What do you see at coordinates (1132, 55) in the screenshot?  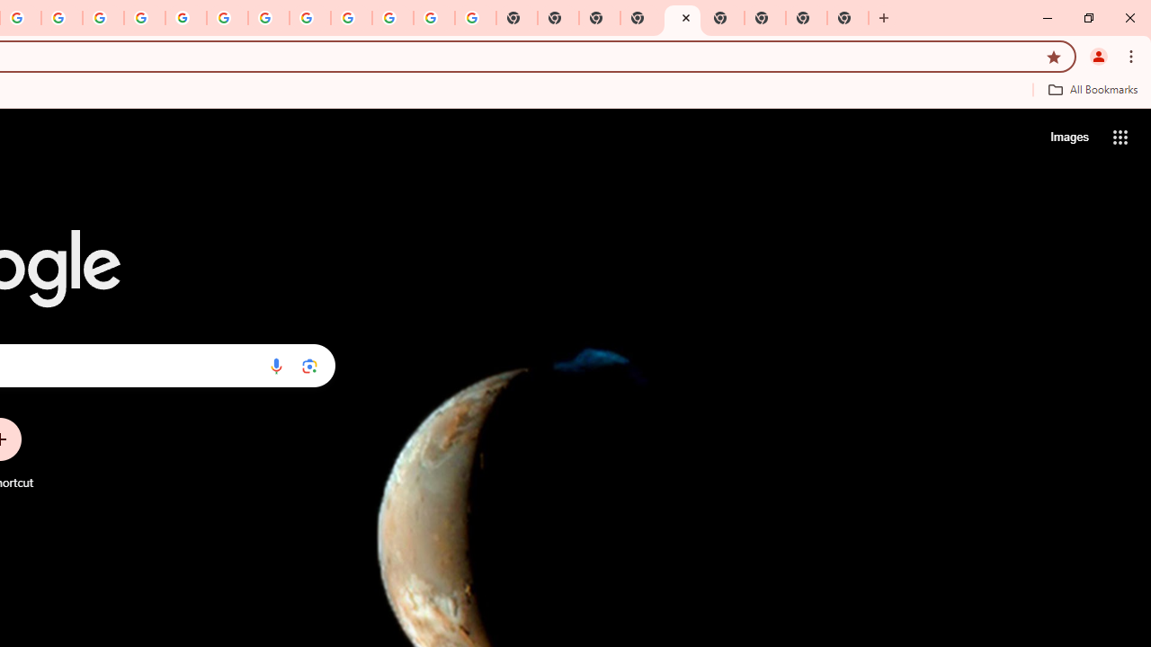 I see `'Chrome'` at bounding box center [1132, 55].